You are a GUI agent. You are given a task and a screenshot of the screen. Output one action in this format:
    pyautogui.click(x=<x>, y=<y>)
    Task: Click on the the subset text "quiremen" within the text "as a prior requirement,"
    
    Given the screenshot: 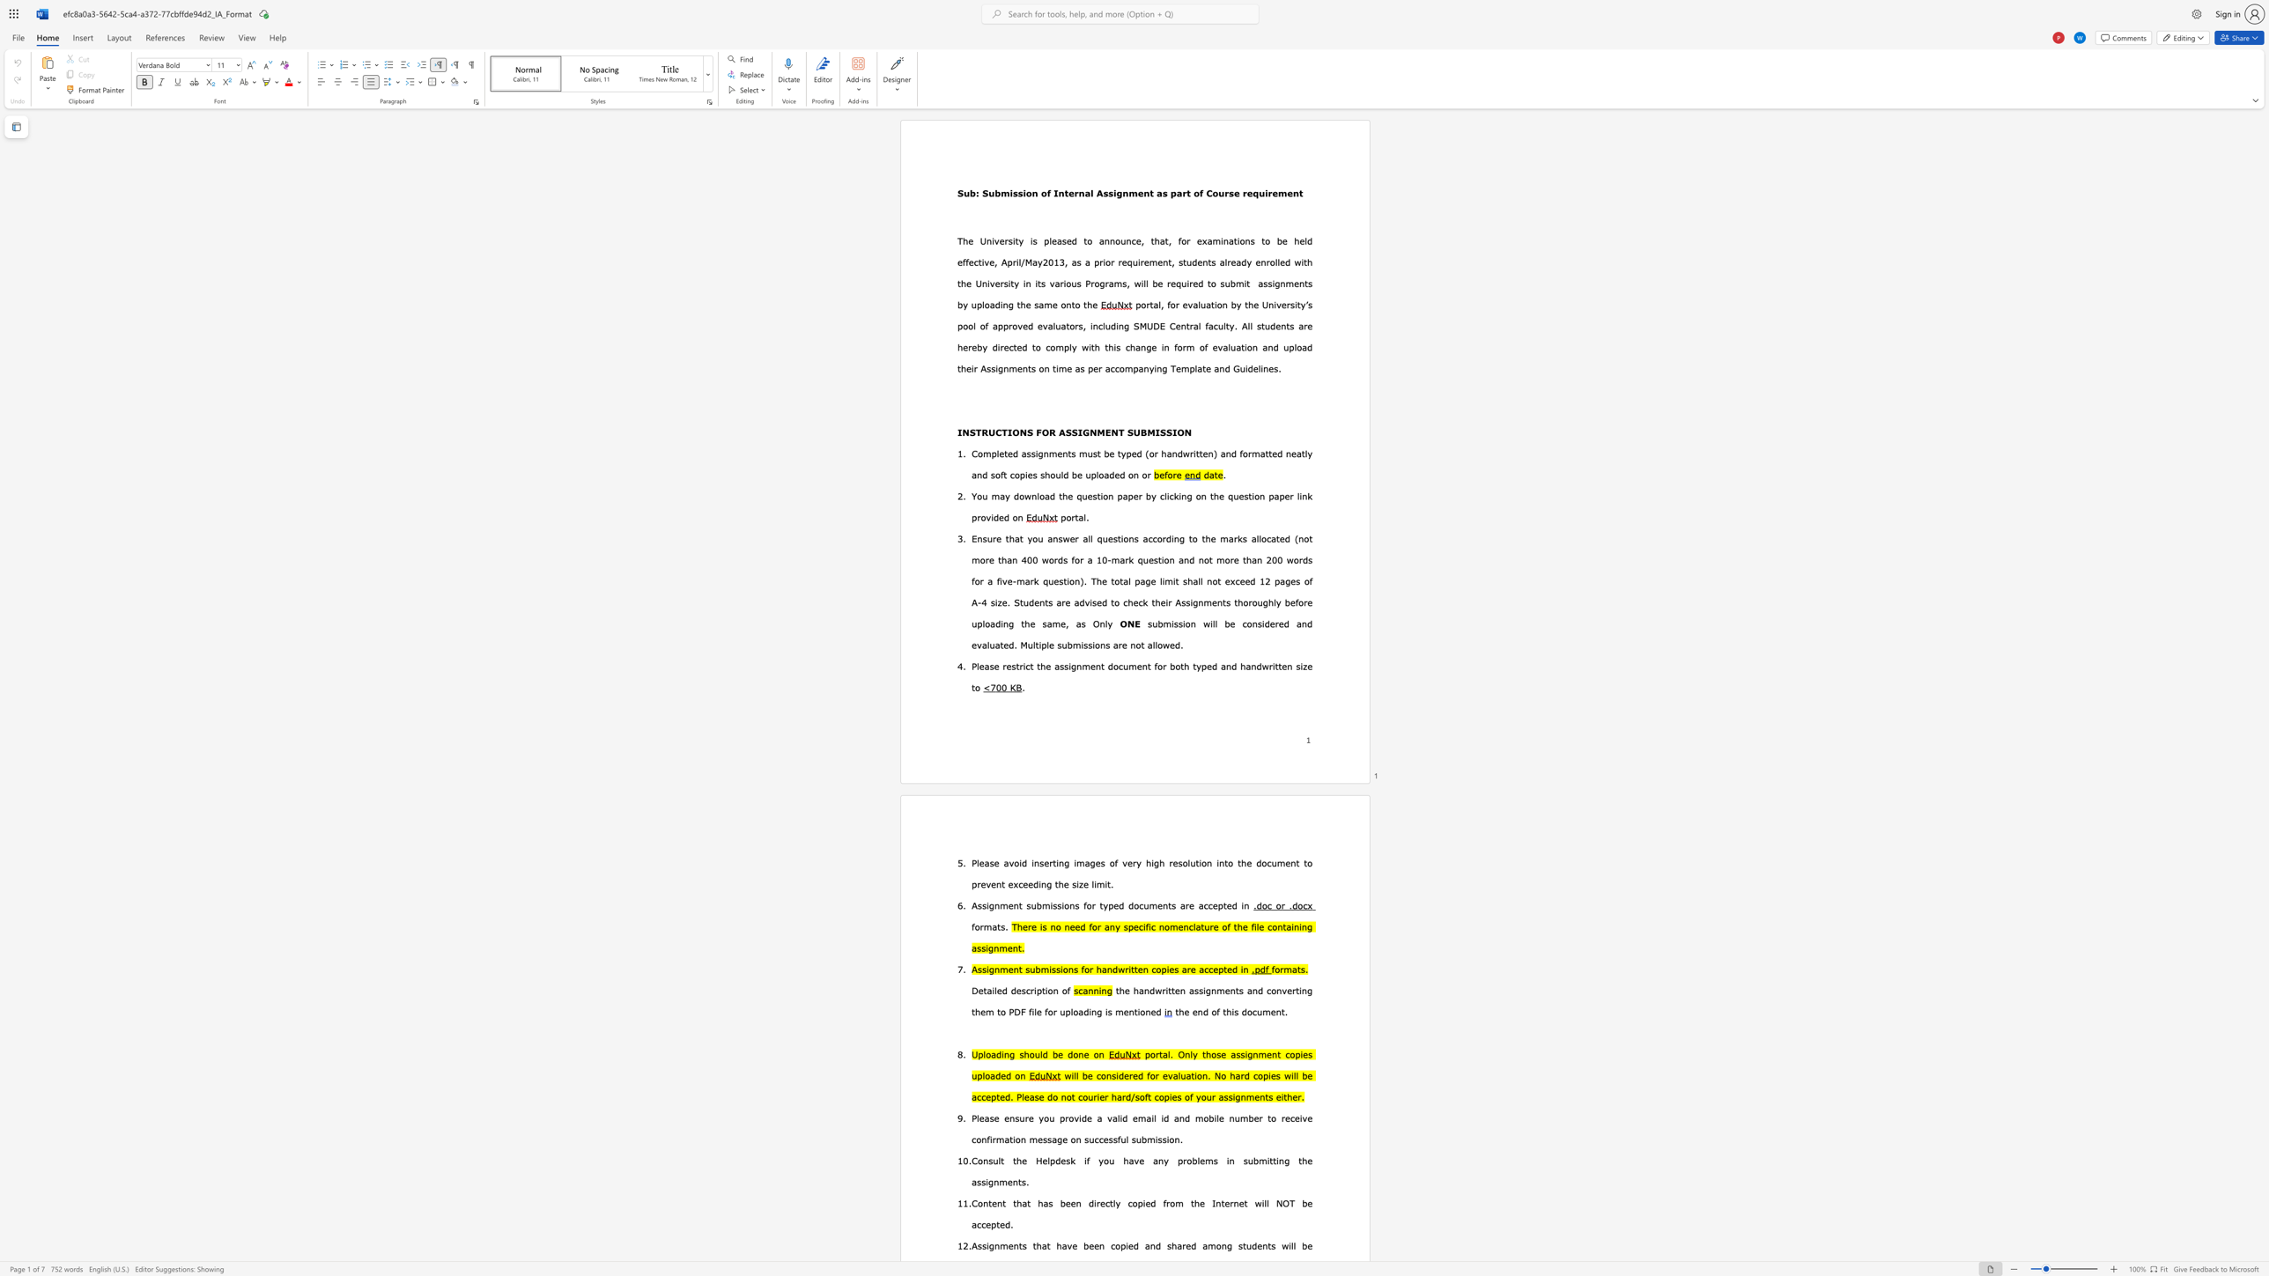 What is the action you would take?
    pyautogui.click(x=1127, y=262)
    